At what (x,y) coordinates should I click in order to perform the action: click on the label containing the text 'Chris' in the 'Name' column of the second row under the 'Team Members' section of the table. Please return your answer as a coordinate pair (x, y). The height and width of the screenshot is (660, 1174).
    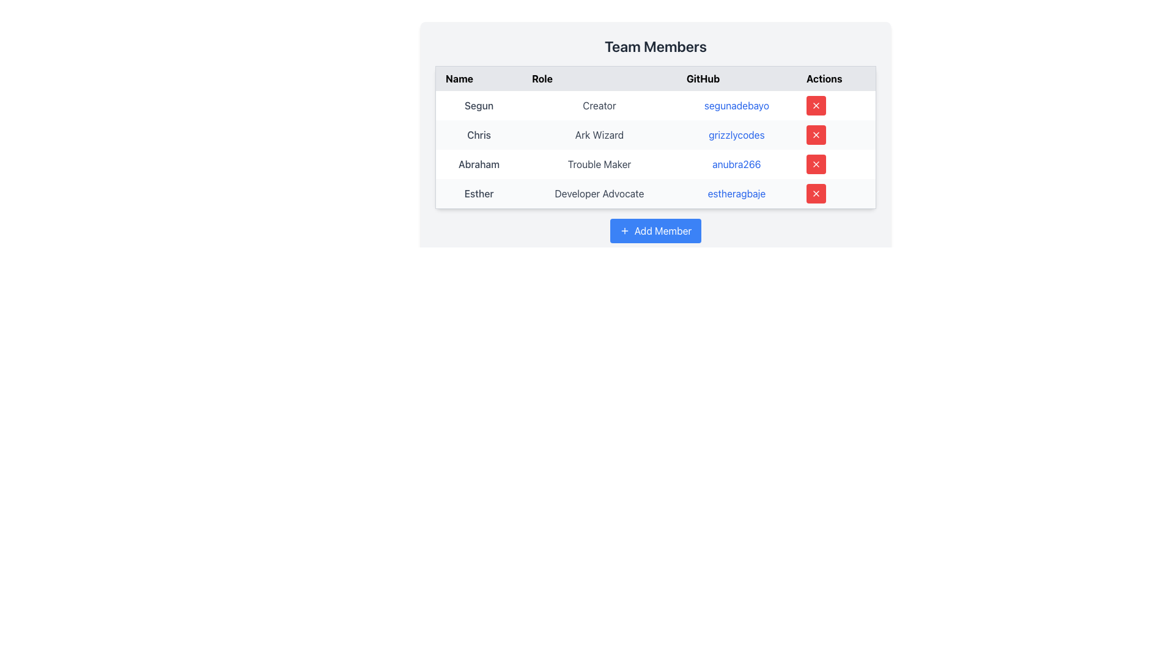
    Looking at the image, I should click on (478, 134).